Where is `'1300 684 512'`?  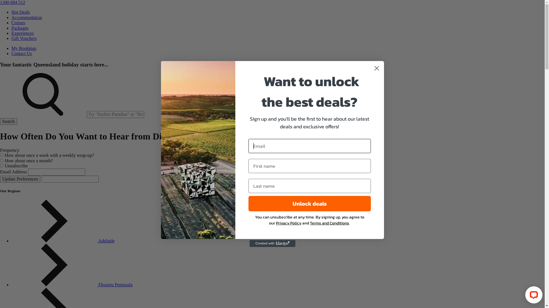 '1300 684 512' is located at coordinates (12, 2).